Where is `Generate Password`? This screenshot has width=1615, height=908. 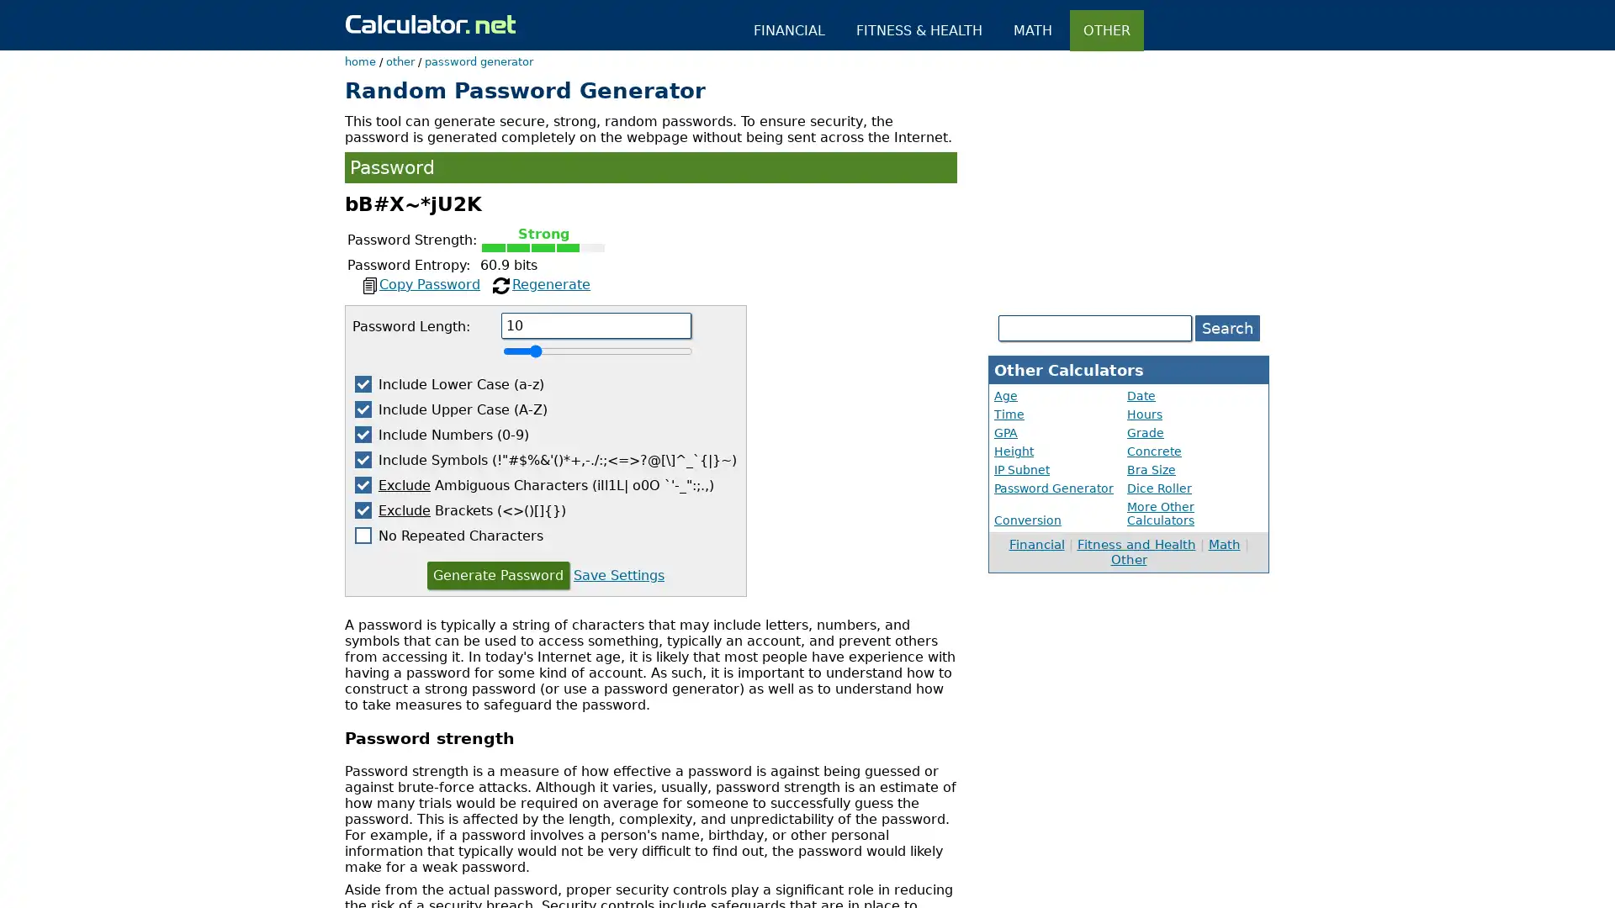
Generate Password is located at coordinates (497, 573).